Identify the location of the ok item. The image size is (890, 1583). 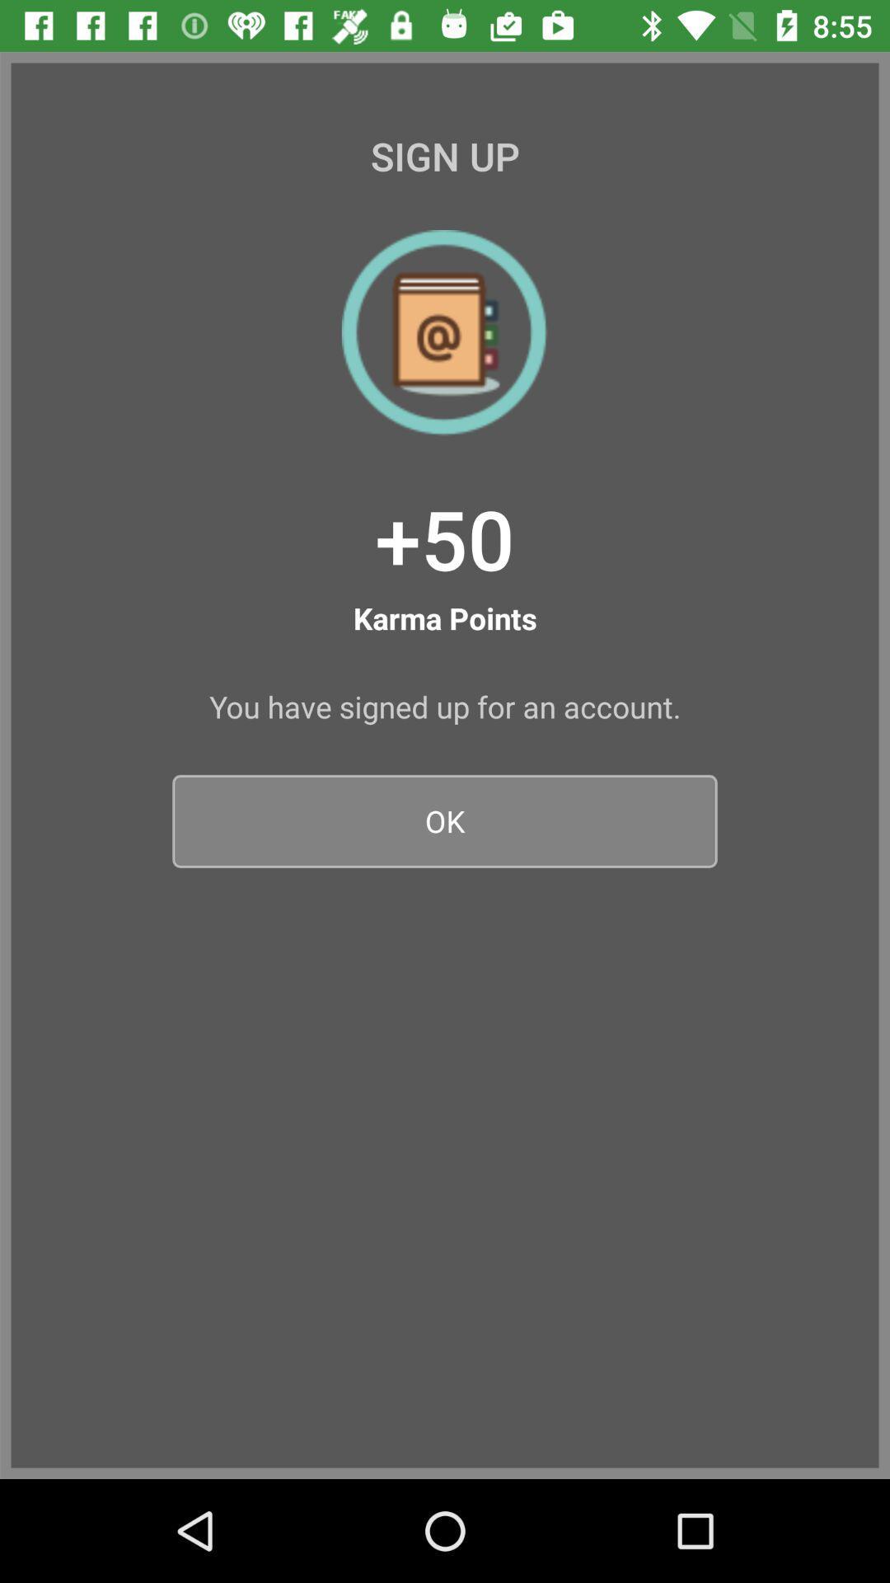
(445, 821).